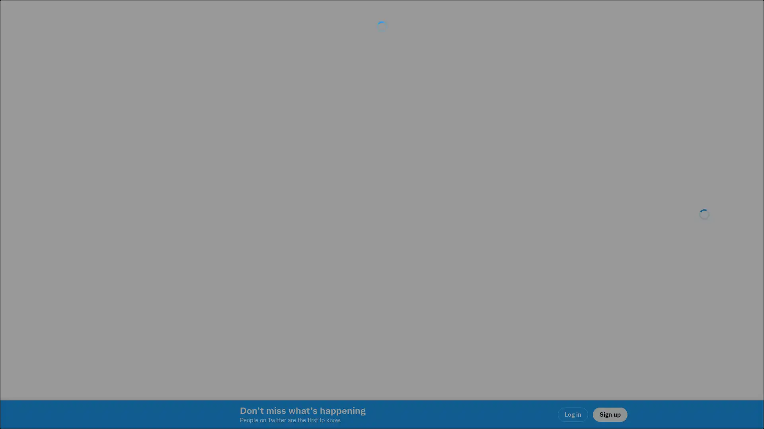  What do you see at coordinates (287, 271) in the screenshot?
I see `Sign up` at bounding box center [287, 271].